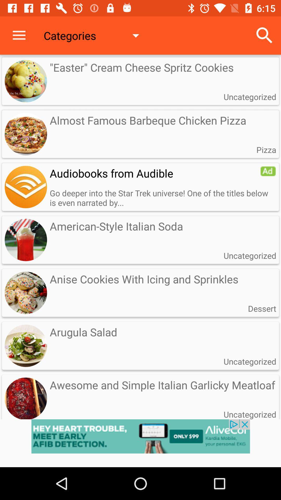 The image size is (281, 500). I want to click on picture display, so click(26, 187).